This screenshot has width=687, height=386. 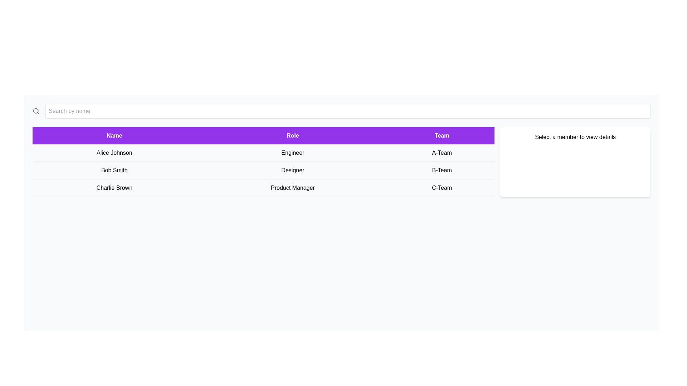 I want to click on the text label indicating the team membership 'B-Team' in the third column of the second row of the table, so click(x=442, y=170).